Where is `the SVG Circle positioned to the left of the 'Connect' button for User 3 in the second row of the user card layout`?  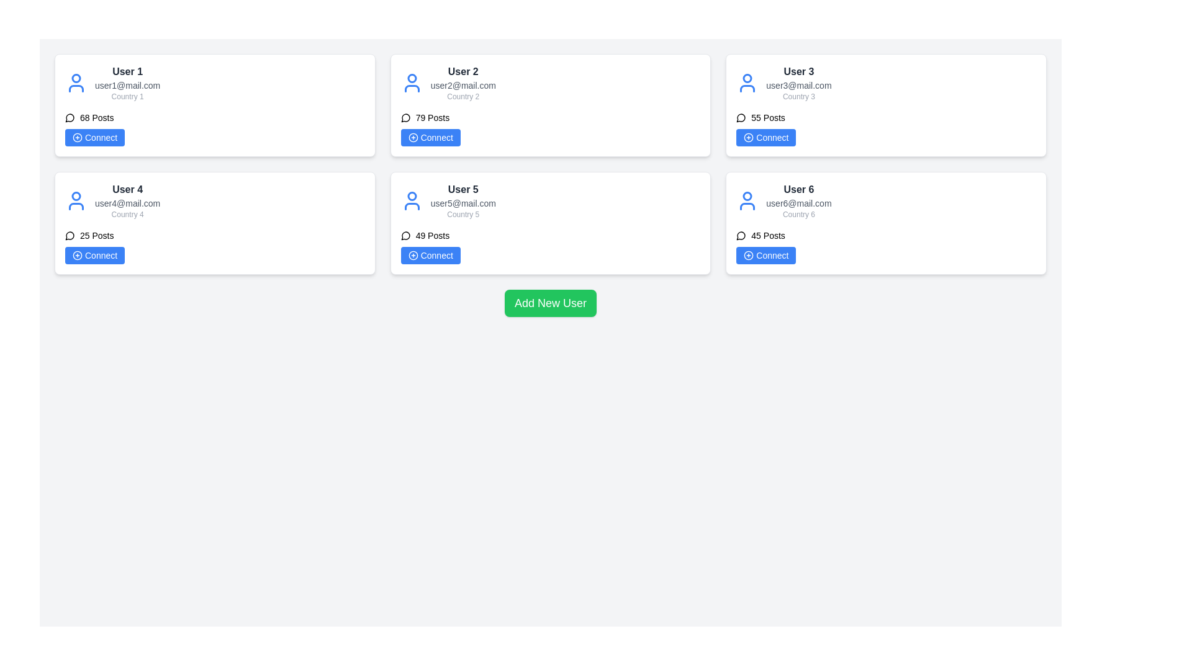
the SVG Circle positioned to the left of the 'Connect' button for User 3 in the second row of the user card layout is located at coordinates (748, 138).